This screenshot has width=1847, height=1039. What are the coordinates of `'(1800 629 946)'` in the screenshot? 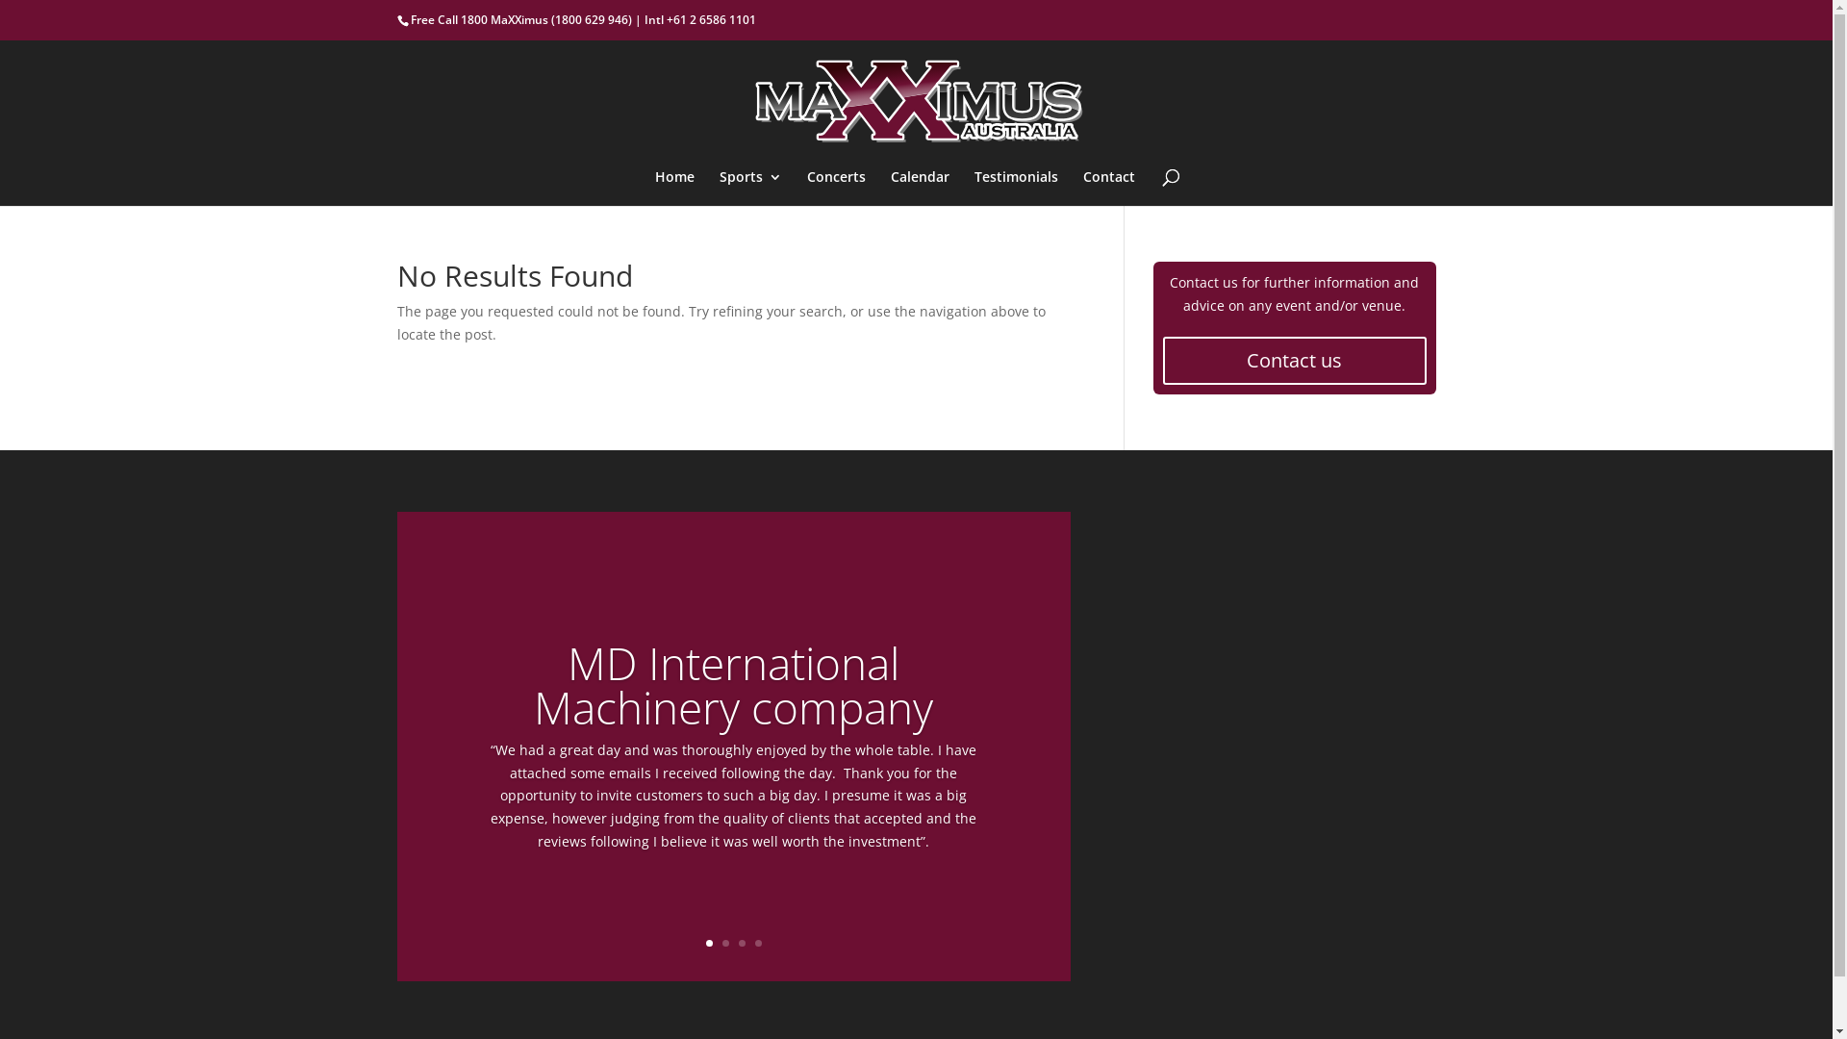 It's located at (548, 19).